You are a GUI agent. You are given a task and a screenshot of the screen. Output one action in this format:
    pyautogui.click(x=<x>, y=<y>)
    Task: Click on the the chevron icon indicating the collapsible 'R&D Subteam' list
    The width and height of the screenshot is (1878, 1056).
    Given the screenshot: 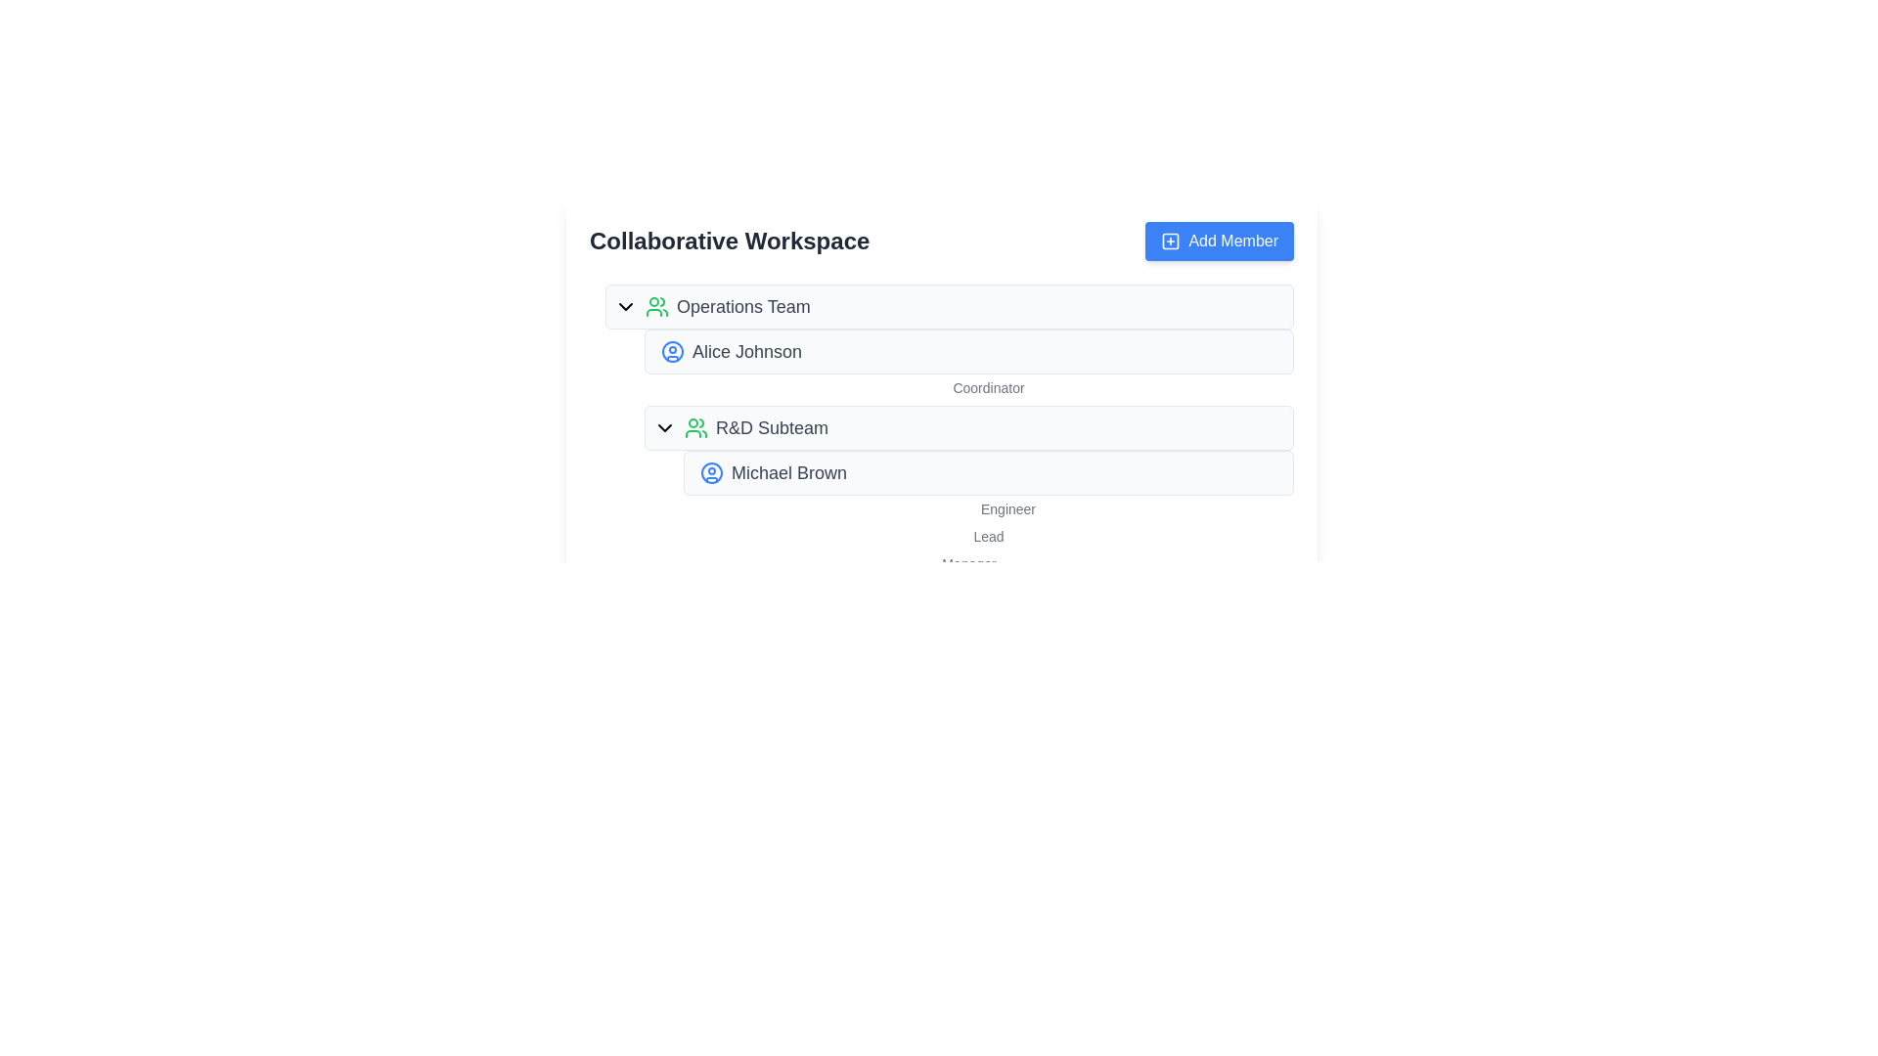 What is the action you would take?
    pyautogui.click(x=665, y=427)
    